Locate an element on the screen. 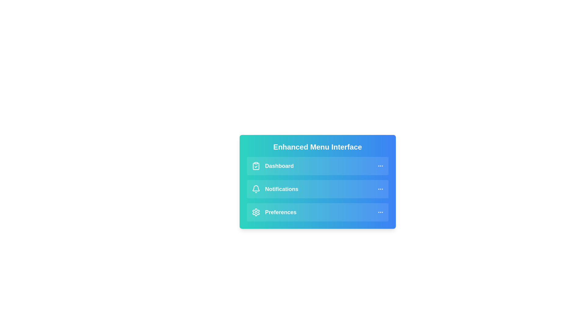 The image size is (586, 329). the settings icon, represented as a gear shape with a white outline on a turquoise background, located to the left of the 'Preferences' label in the menu list is located at coordinates (256, 212).